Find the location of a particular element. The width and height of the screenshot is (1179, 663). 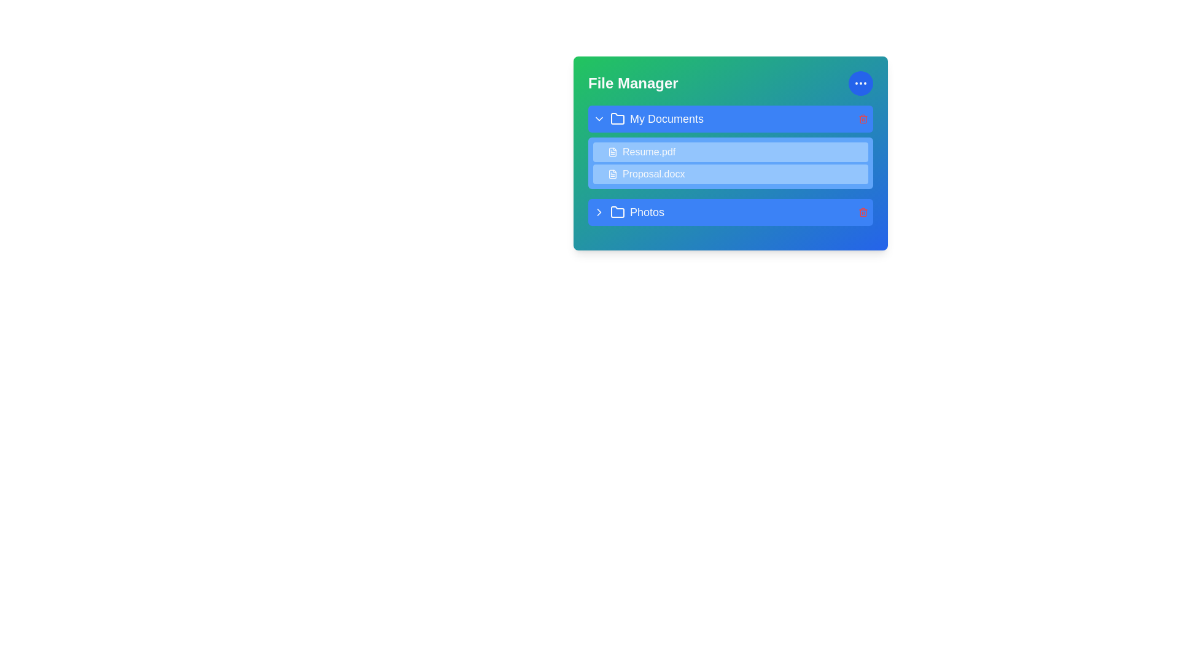

the file icon located to the left of the 'Proposal.docx' label in the file manager interface is located at coordinates (613, 174).